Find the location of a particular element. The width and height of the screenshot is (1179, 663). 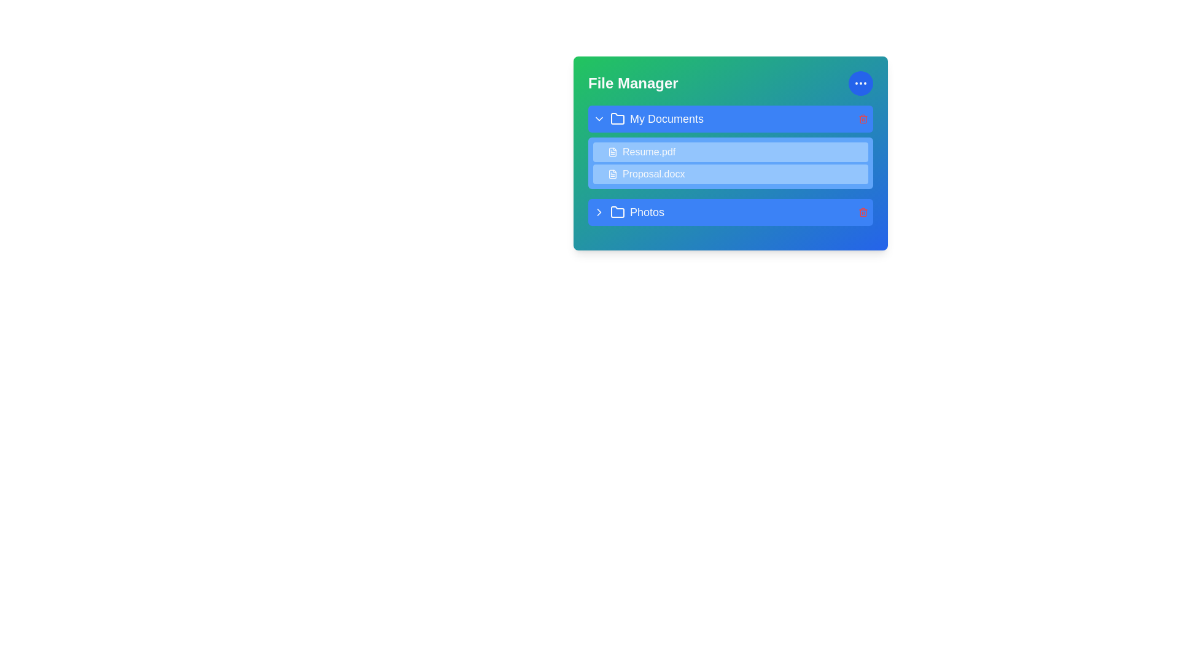

the file icon located to the left of the 'Proposal.docx' label in the file manager interface is located at coordinates (613, 174).